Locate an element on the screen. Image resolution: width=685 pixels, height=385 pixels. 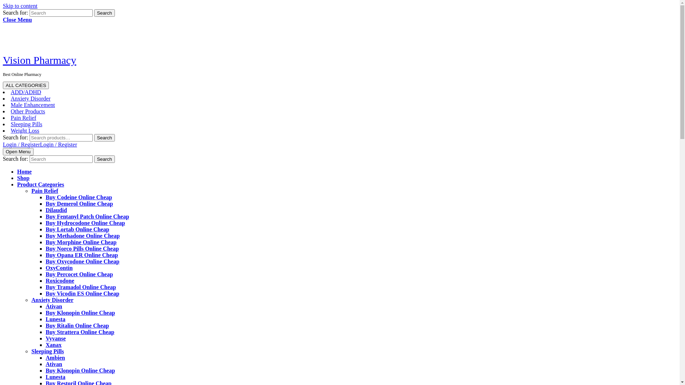
'Buy Codeine Online Cheap' is located at coordinates (45, 197).